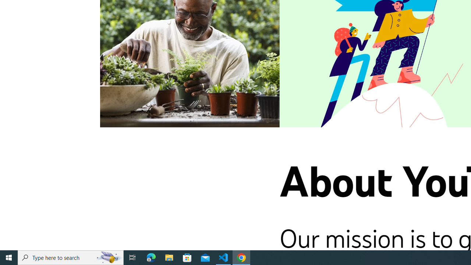 The height and width of the screenshot is (265, 471). Describe the element at coordinates (108, 257) in the screenshot. I see `'Search highlights icon opens search home window'` at that location.